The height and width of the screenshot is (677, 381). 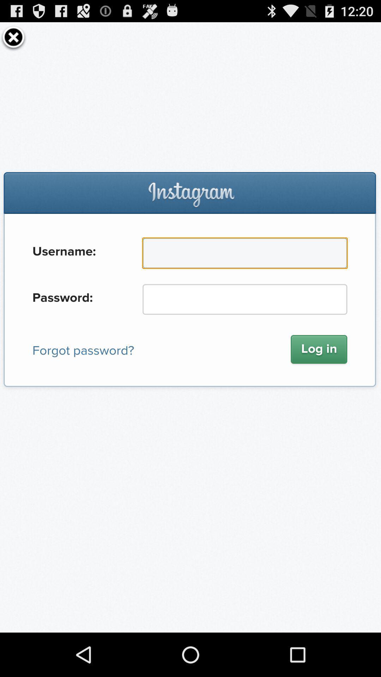 What do you see at coordinates (13, 37) in the screenshot?
I see `to close the windows` at bounding box center [13, 37].